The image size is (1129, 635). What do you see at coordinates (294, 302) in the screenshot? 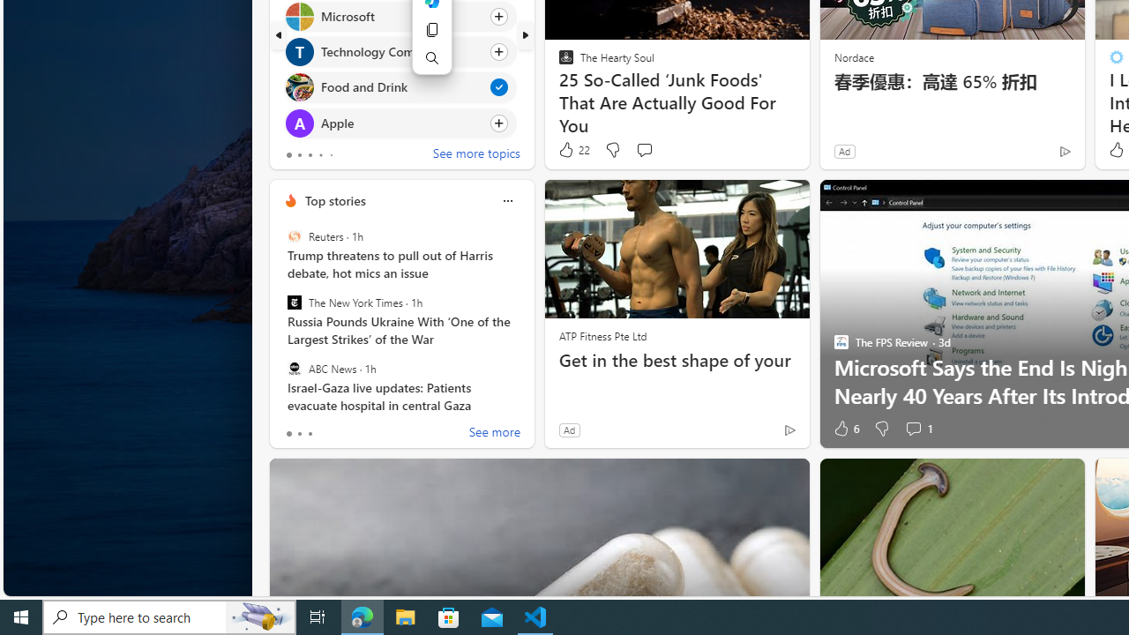
I see `'The New York Times'` at bounding box center [294, 302].